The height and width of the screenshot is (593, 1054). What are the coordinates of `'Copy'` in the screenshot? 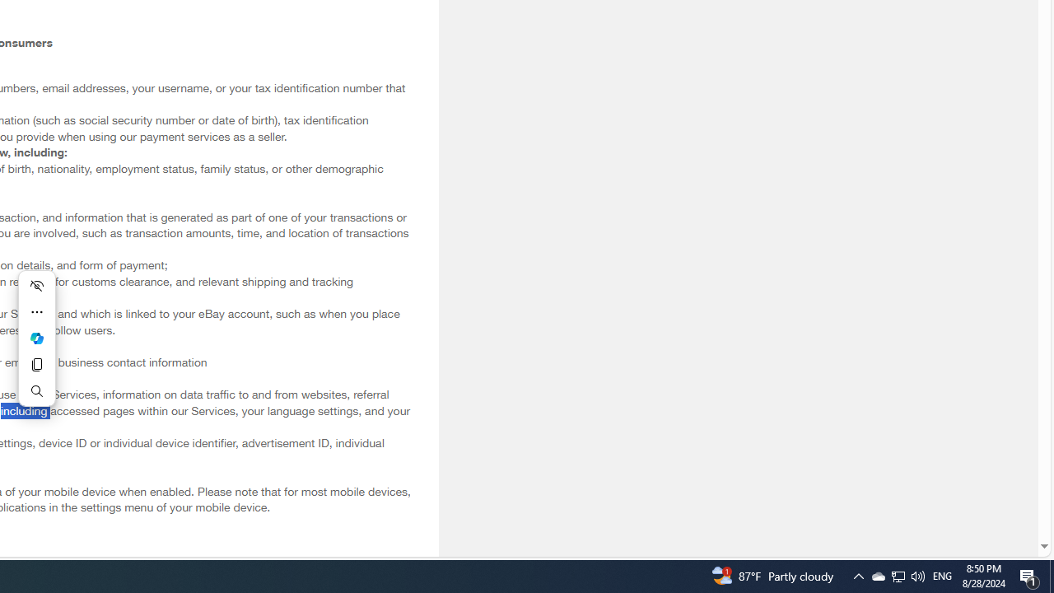 It's located at (36, 364).